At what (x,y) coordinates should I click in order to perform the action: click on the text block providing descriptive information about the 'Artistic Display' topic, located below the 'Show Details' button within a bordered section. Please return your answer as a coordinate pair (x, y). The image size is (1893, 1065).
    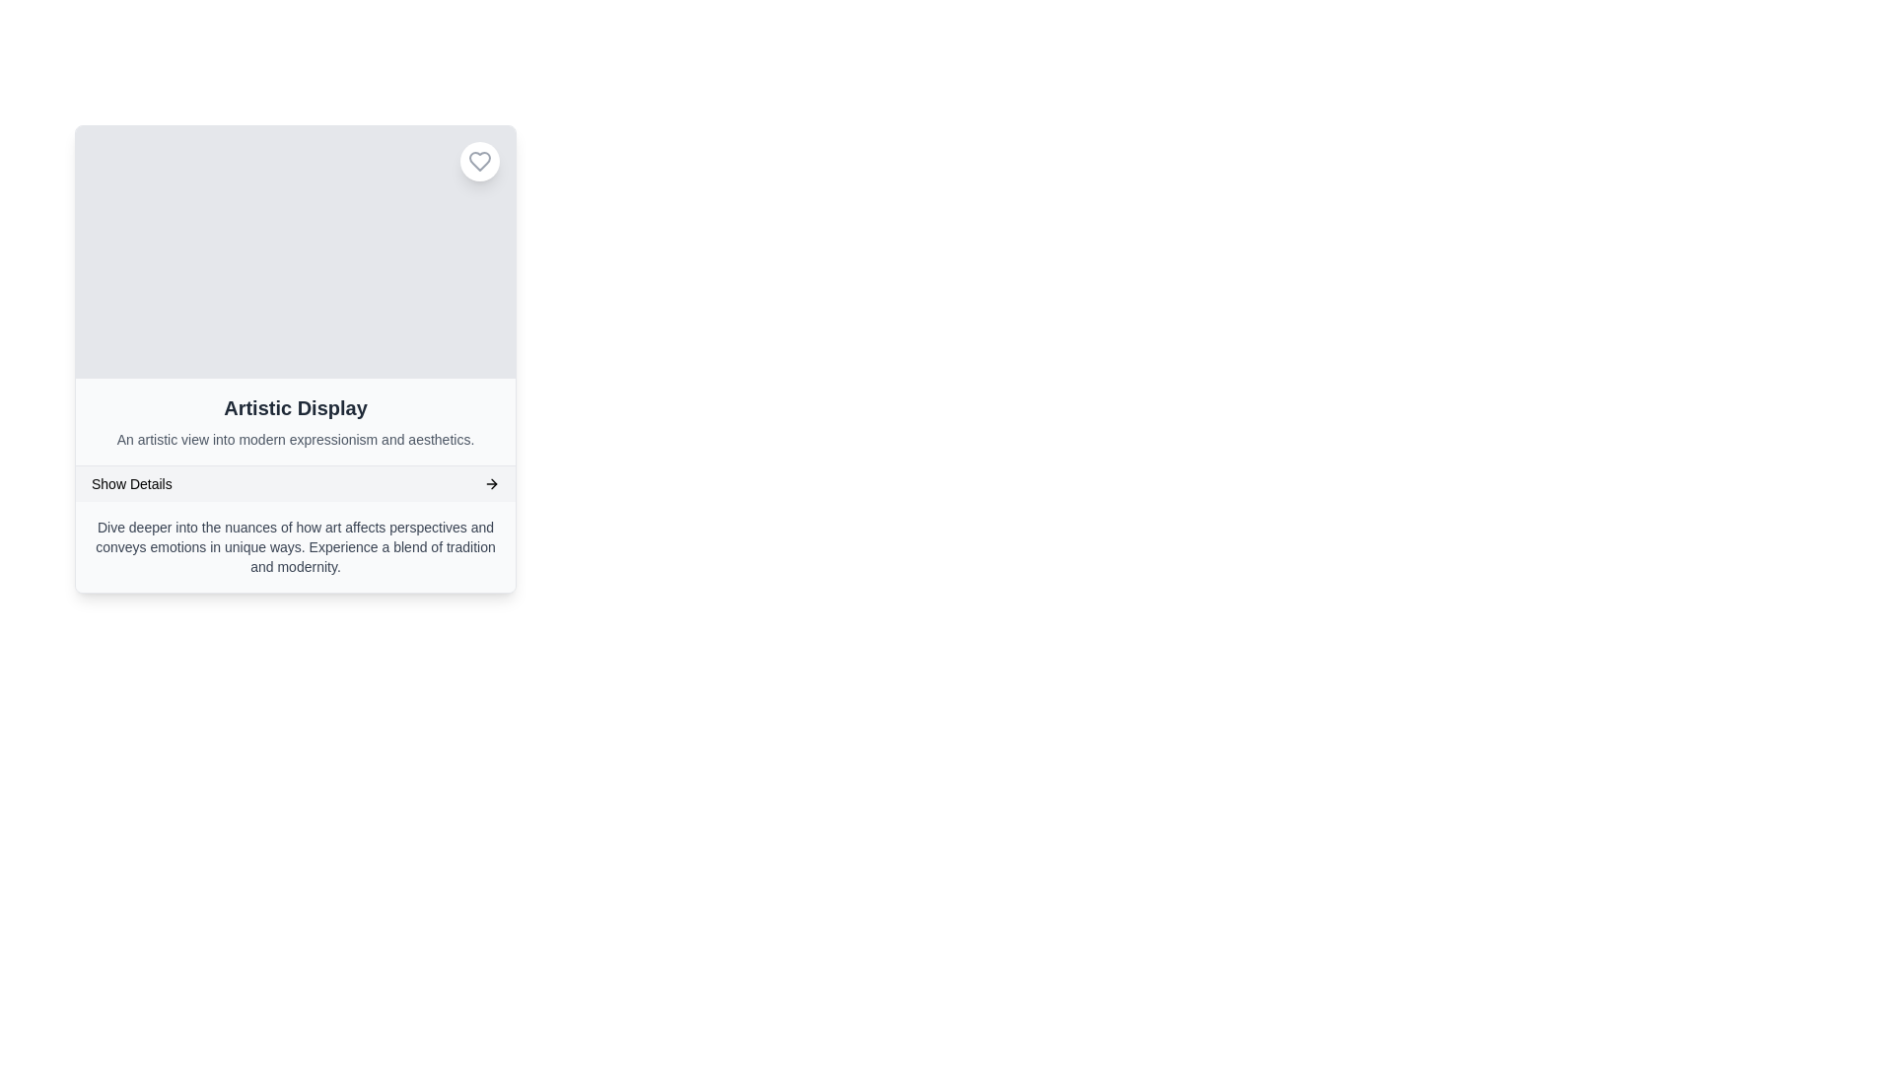
    Looking at the image, I should click on (294, 547).